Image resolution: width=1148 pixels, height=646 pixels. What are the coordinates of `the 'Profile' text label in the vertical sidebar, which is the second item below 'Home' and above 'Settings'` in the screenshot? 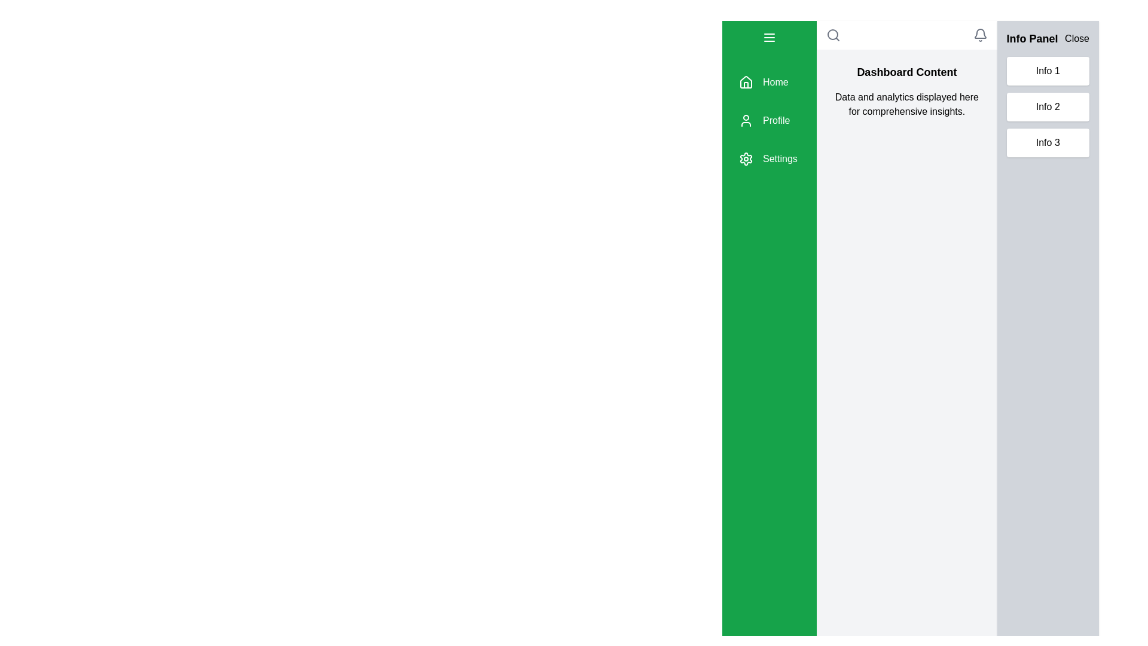 It's located at (776, 120).